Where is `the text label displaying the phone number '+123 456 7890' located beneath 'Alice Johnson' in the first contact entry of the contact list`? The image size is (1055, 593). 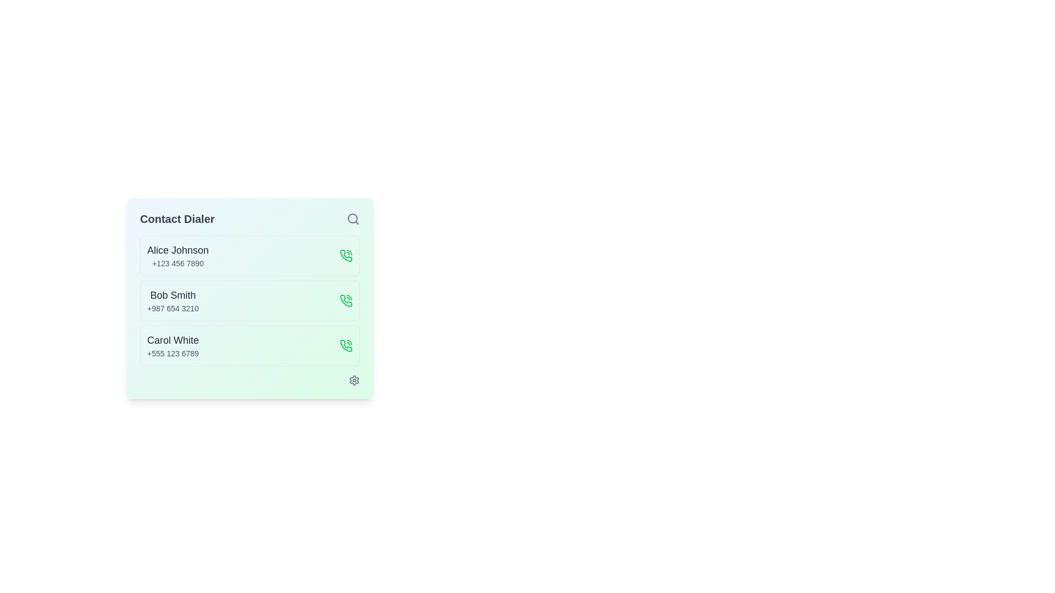 the text label displaying the phone number '+123 456 7890' located beneath 'Alice Johnson' in the first contact entry of the contact list is located at coordinates (178, 263).